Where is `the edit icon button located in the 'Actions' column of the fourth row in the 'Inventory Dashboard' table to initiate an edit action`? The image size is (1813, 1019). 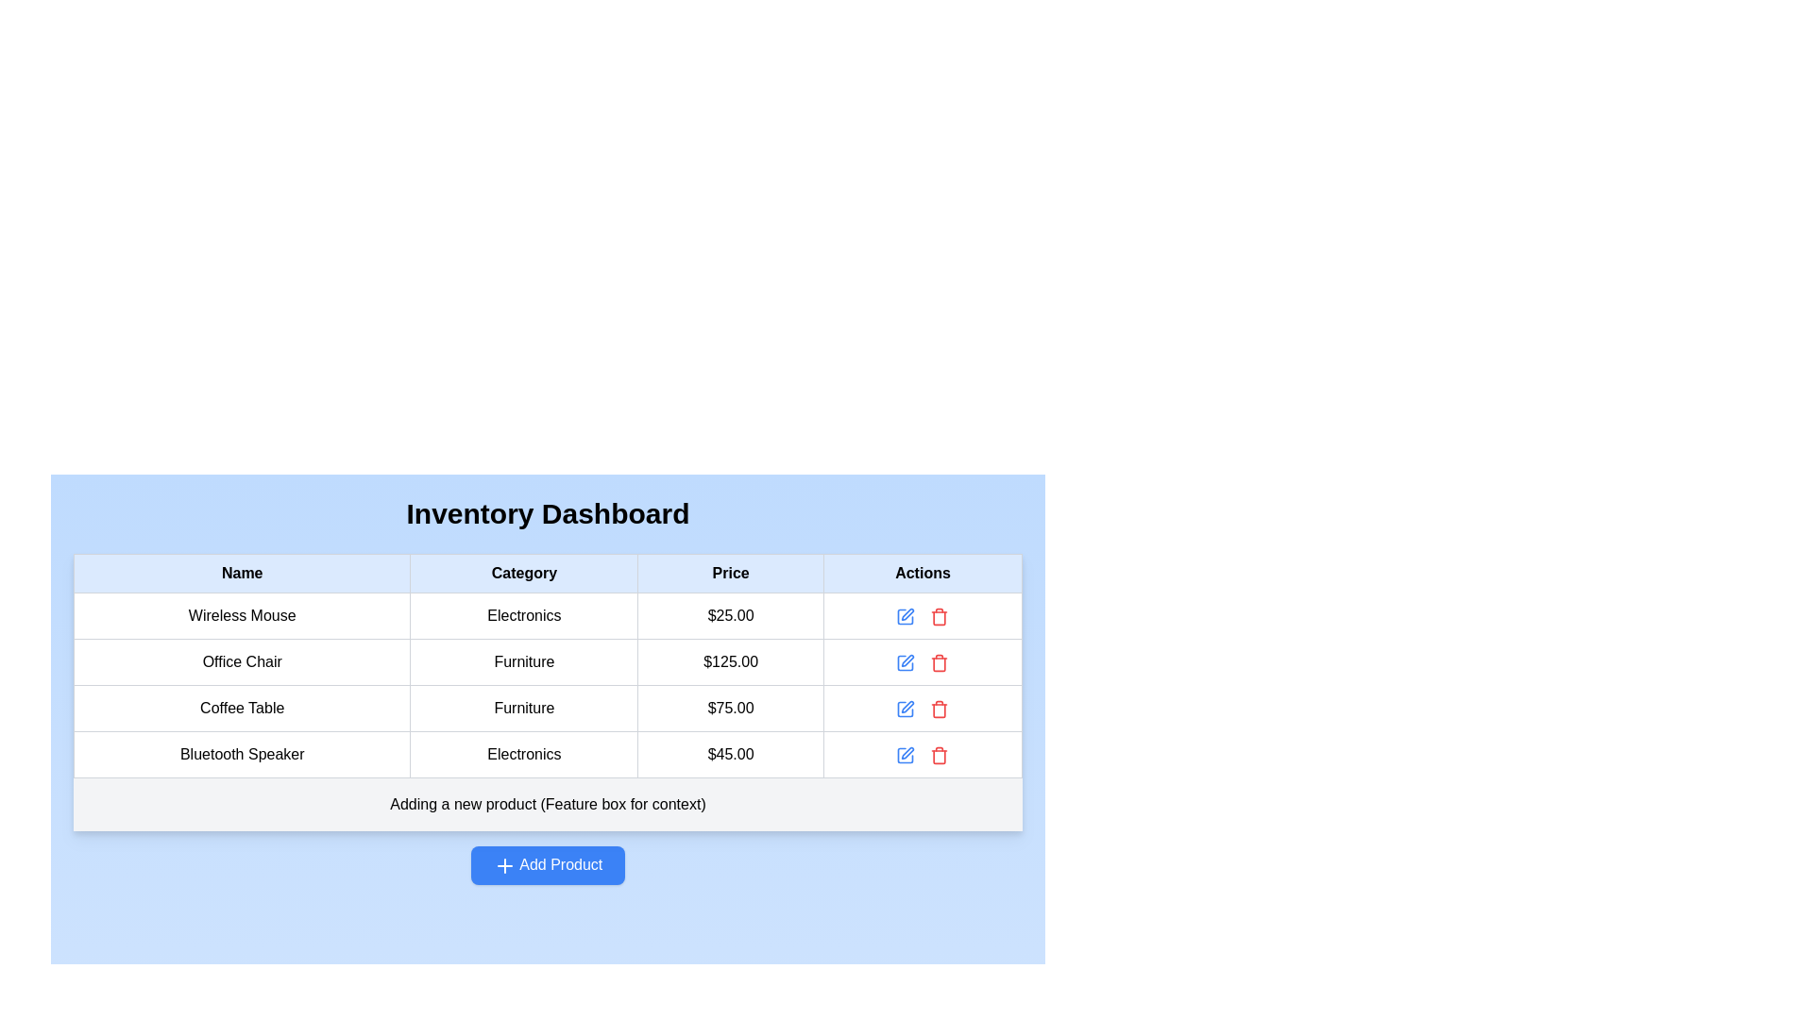 the edit icon button located in the 'Actions' column of the fourth row in the 'Inventory Dashboard' table to initiate an edit action is located at coordinates (907, 752).